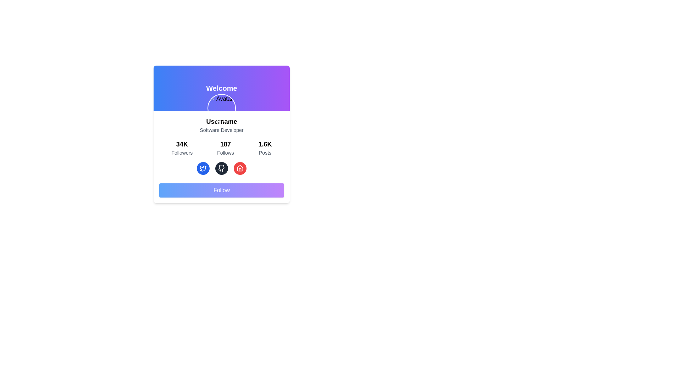 This screenshot has height=383, width=681. What do you see at coordinates (225, 152) in the screenshot?
I see `the Text label indicating the number of accounts followed, located under the 'Follows' count in the profile's statistic card` at bounding box center [225, 152].